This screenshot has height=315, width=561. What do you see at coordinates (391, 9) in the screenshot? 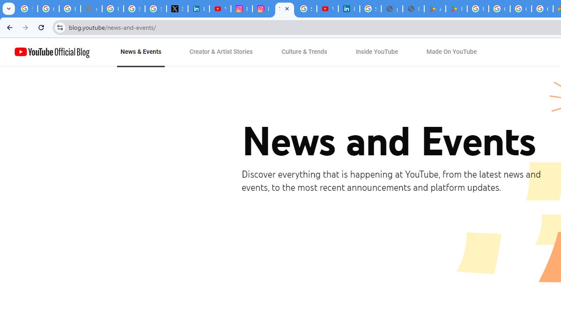
I see `'google_privacy_policy_en.pdf'` at bounding box center [391, 9].